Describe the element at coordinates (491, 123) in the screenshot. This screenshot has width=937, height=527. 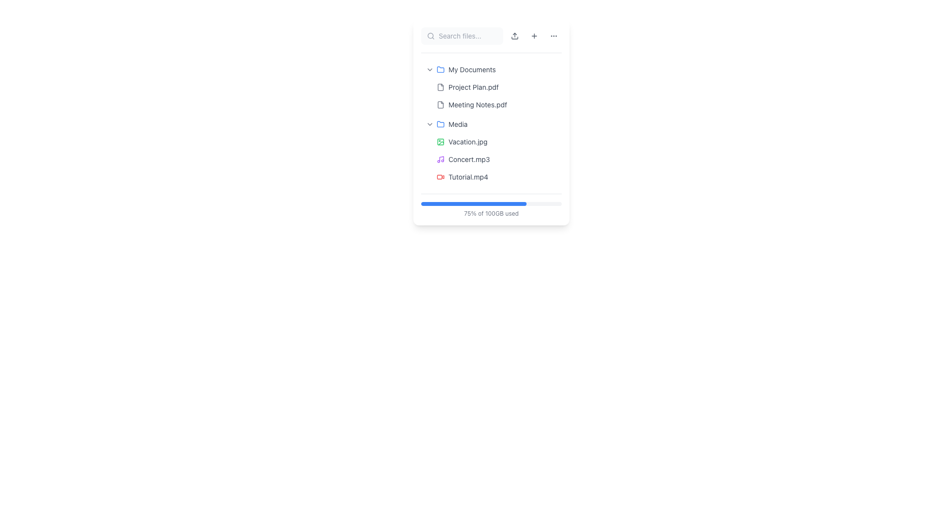
I see `the File list panel located under the 'My Documents' entry` at that location.